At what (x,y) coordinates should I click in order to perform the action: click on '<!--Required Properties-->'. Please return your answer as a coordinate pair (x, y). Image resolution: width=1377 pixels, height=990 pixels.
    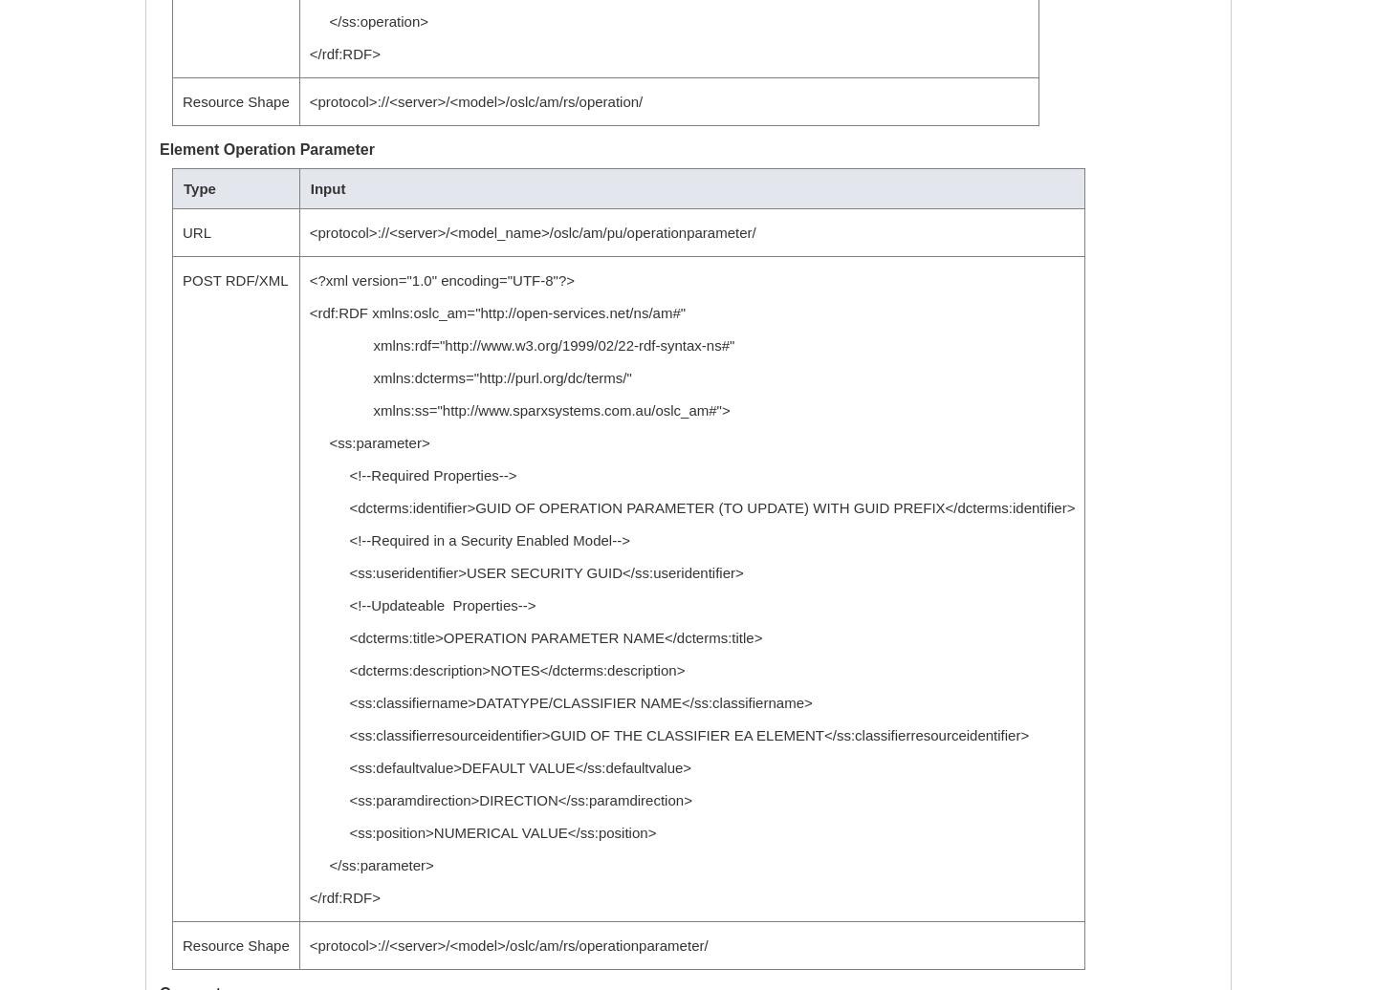
    Looking at the image, I should click on (412, 475).